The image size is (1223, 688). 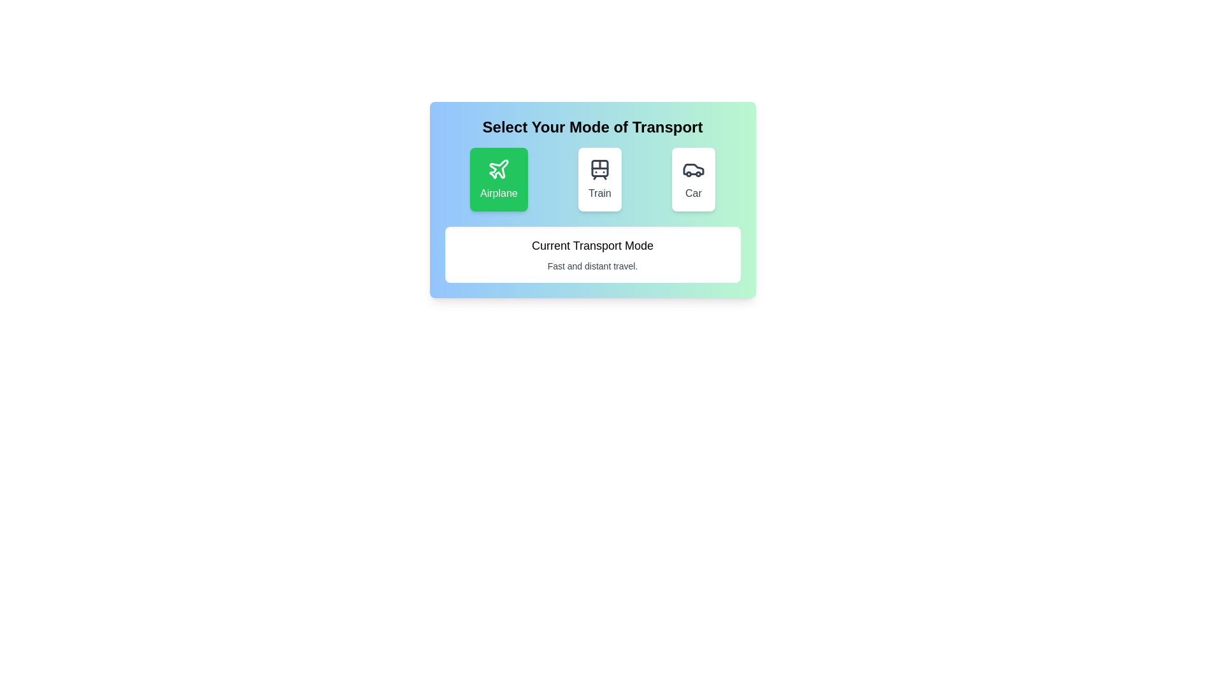 What do you see at coordinates (598, 179) in the screenshot?
I see `the button corresponding to the transportation mode Train` at bounding box center [598, 179].